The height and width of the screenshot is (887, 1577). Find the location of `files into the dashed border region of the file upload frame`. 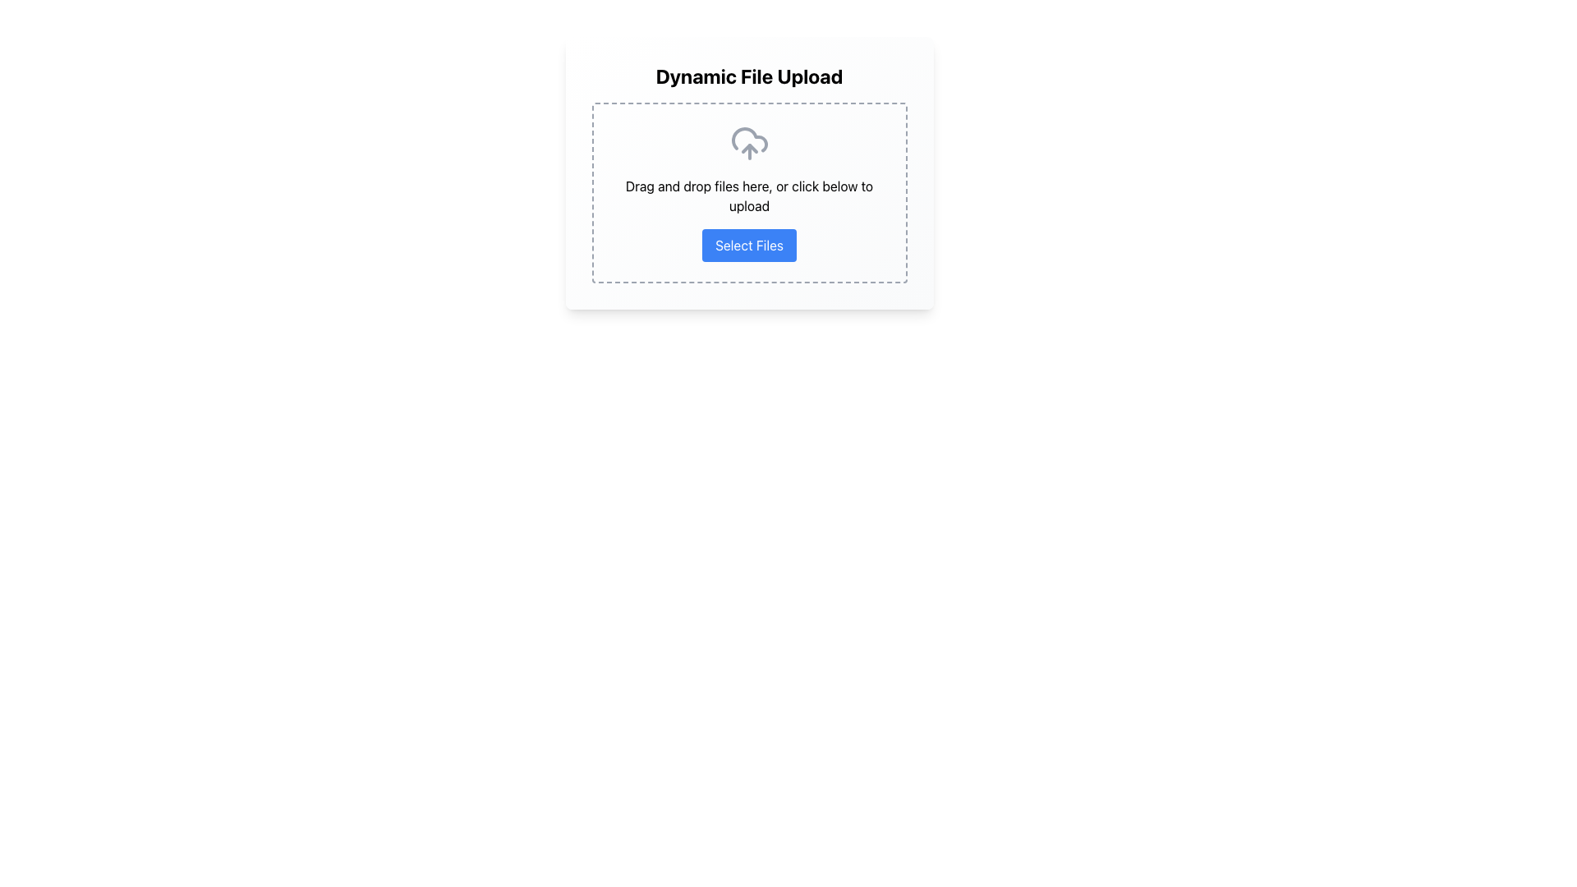

files into the dashed border region of the file upload frame is located at coordinates (748, 173).